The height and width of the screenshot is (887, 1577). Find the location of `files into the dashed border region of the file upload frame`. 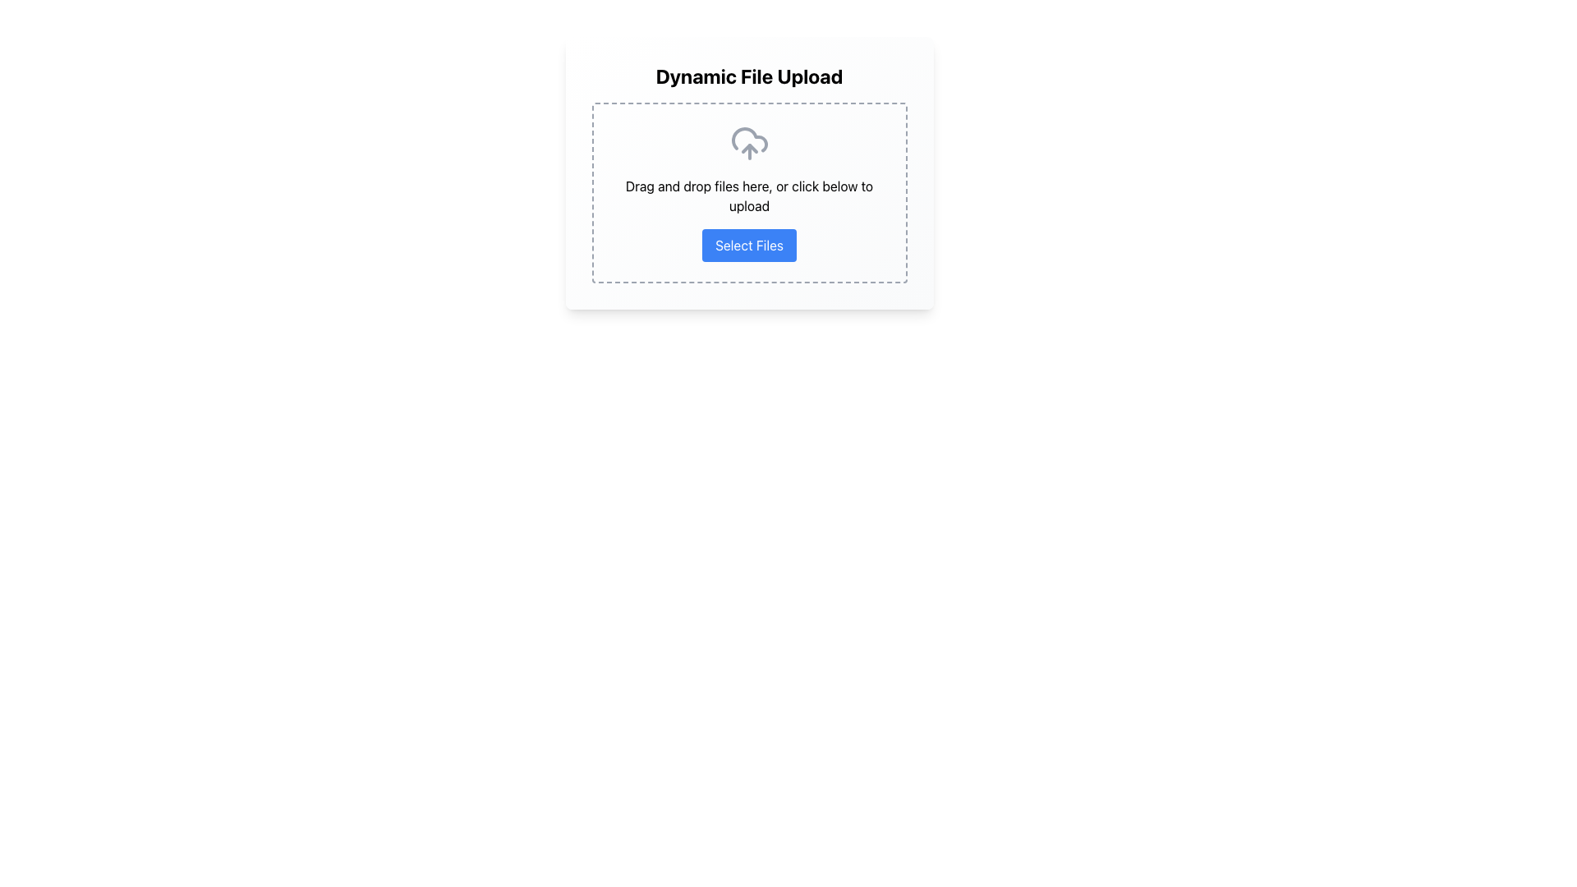

files into the dashed border region of the file upload frame is located at coordinates (748, 173).